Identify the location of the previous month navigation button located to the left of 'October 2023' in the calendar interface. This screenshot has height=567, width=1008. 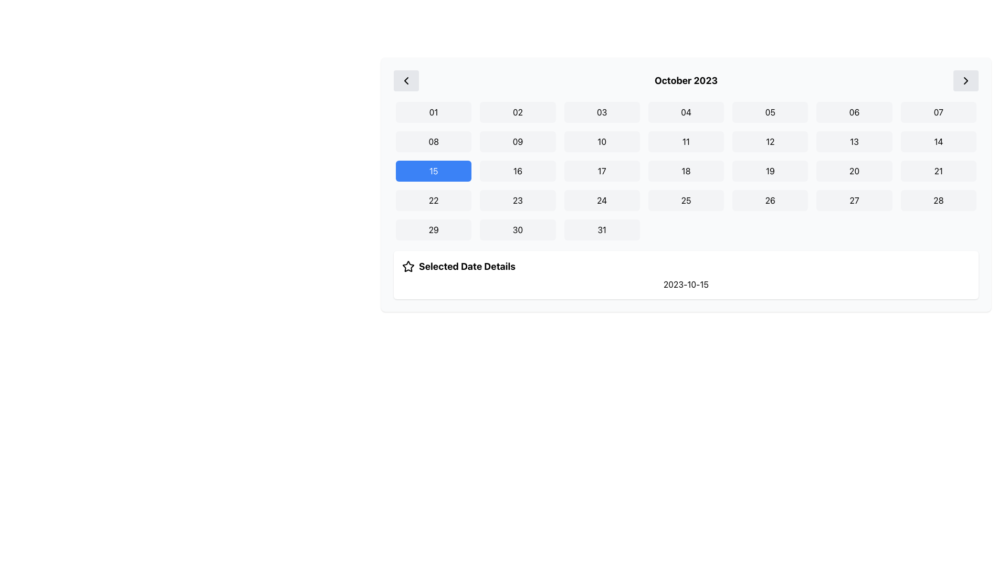
(405, 80).